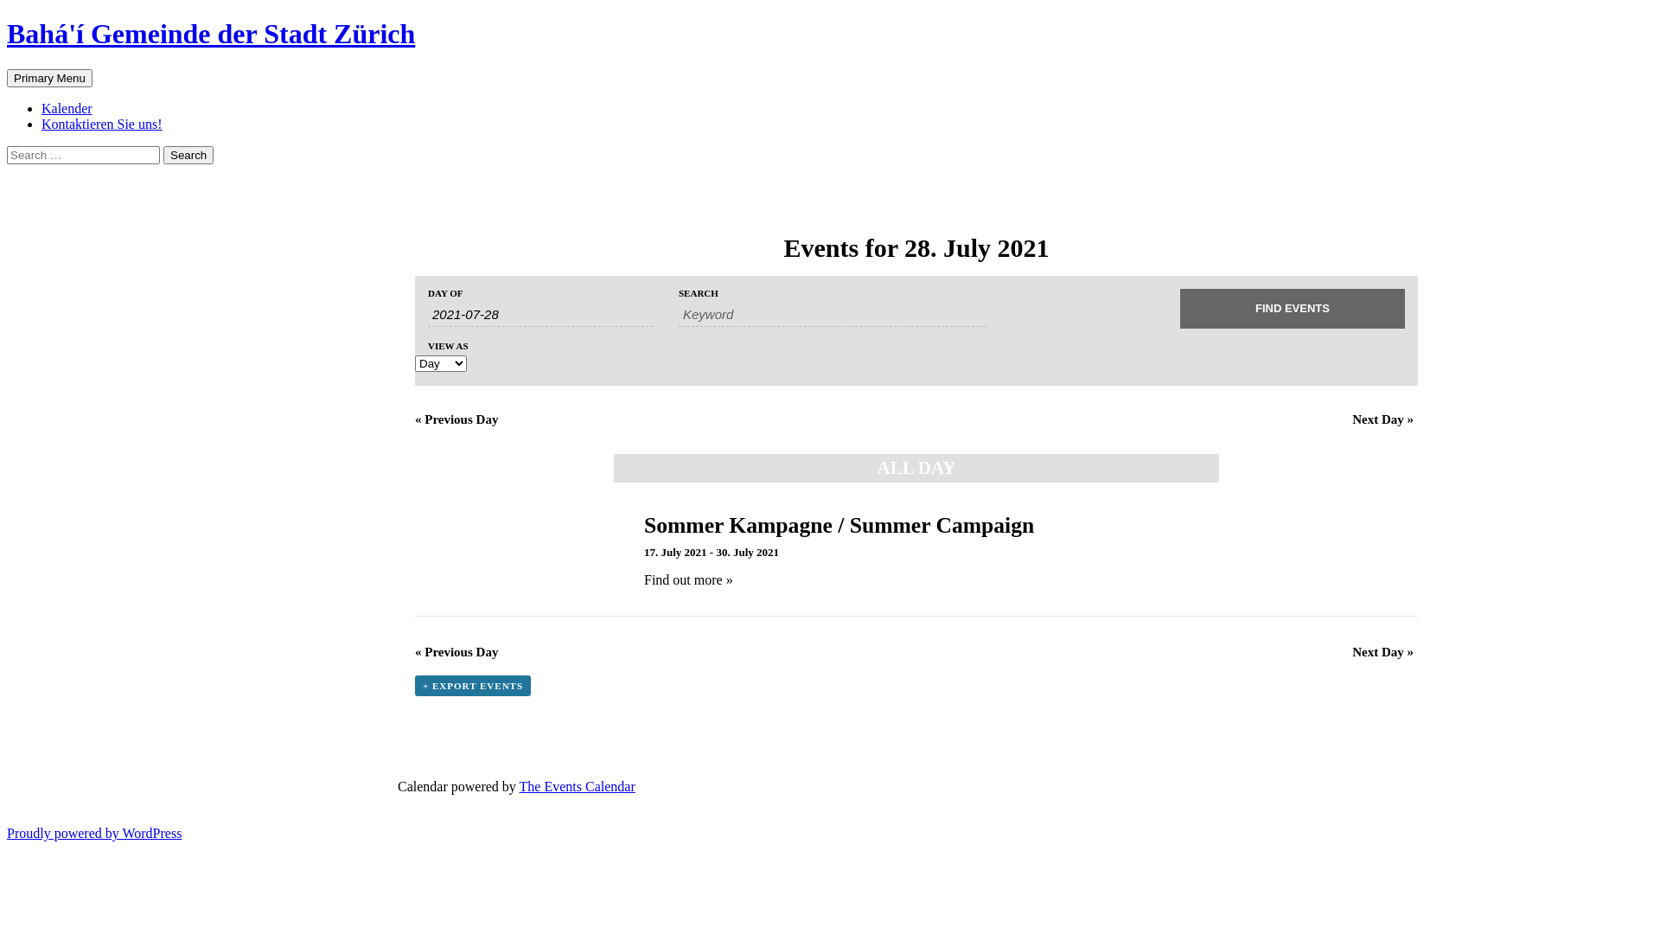 This screenshot has width=1660, height=934. I want to click on 'Kalender', so click(67, 108).